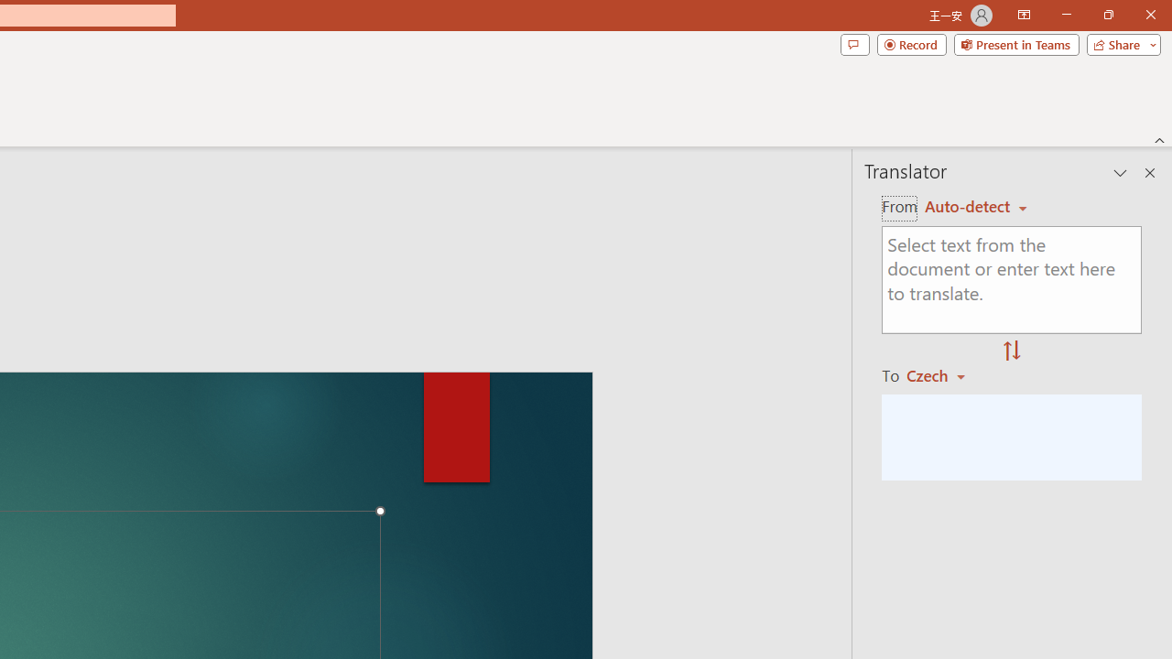 The height and width of the screenshot is (659, 1172). I want to click on 'Share', so click(1119, 43).